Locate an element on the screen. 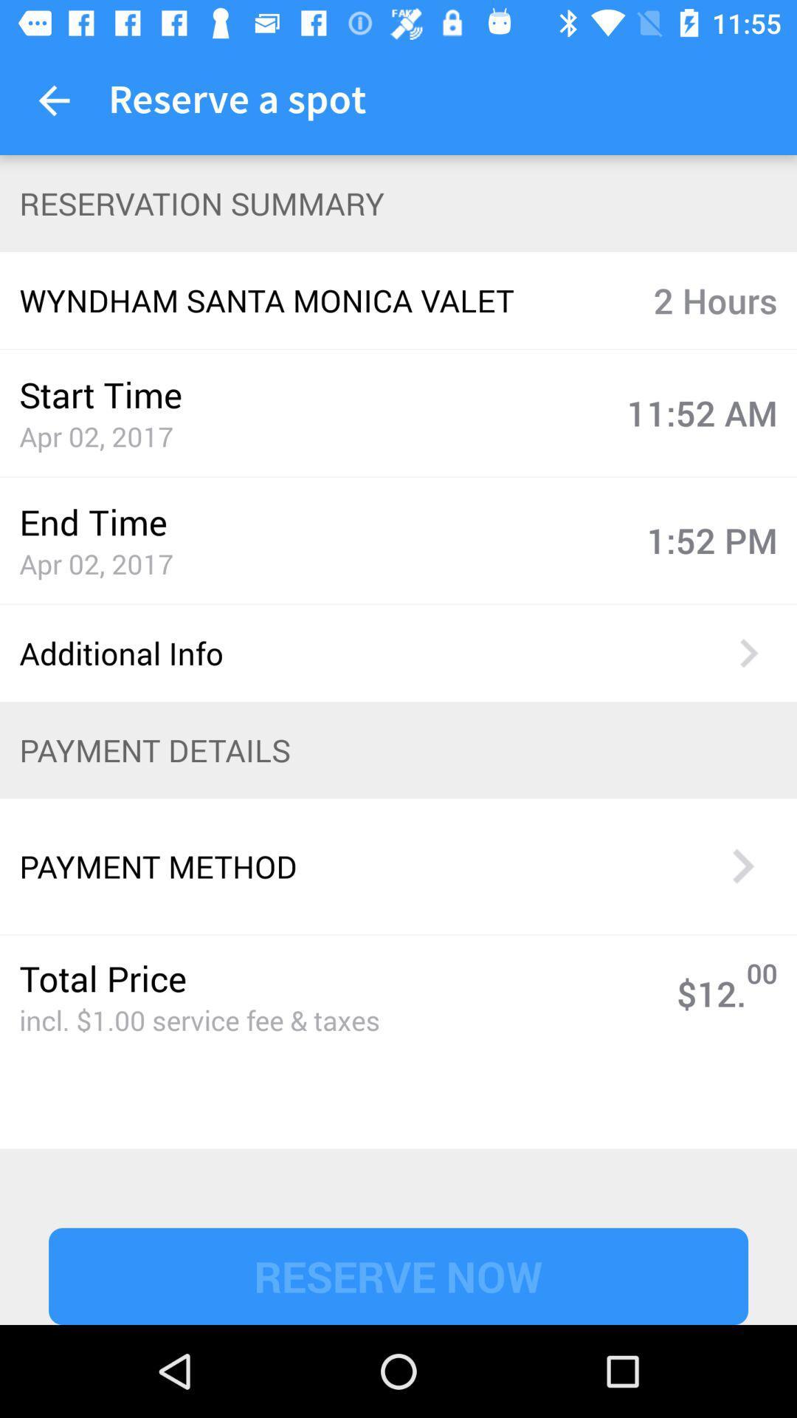 This screenshot has height=1418, width=797. next button is located at coordinates (742, 866).